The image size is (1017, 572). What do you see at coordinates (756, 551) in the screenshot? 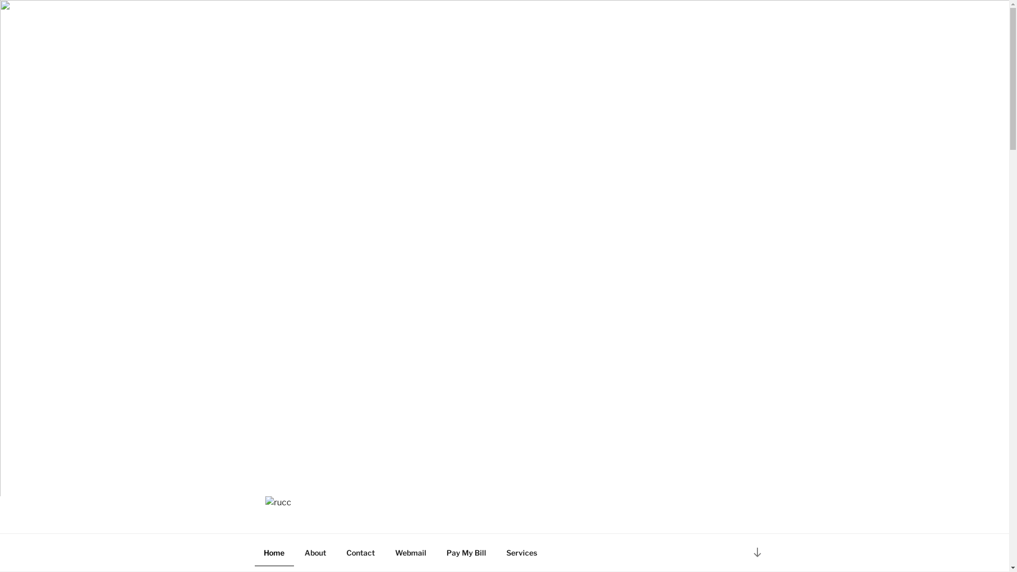
I see `'Scroll down to content'` at bounding box center [756, 551].